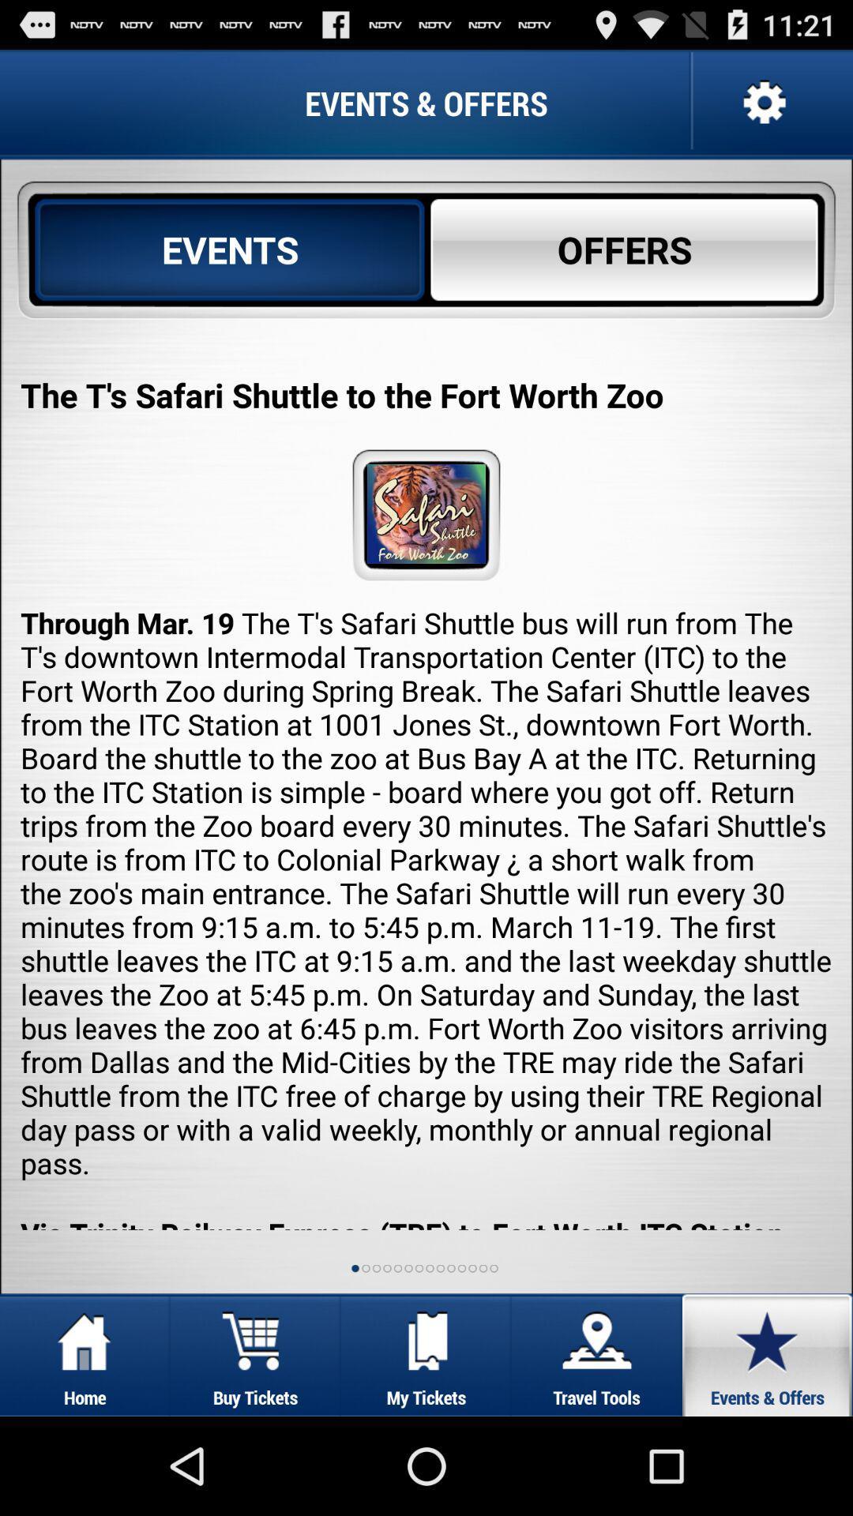 This screenshot has height=1516, width=853. I want to click on the settings option, so click(761, 102).